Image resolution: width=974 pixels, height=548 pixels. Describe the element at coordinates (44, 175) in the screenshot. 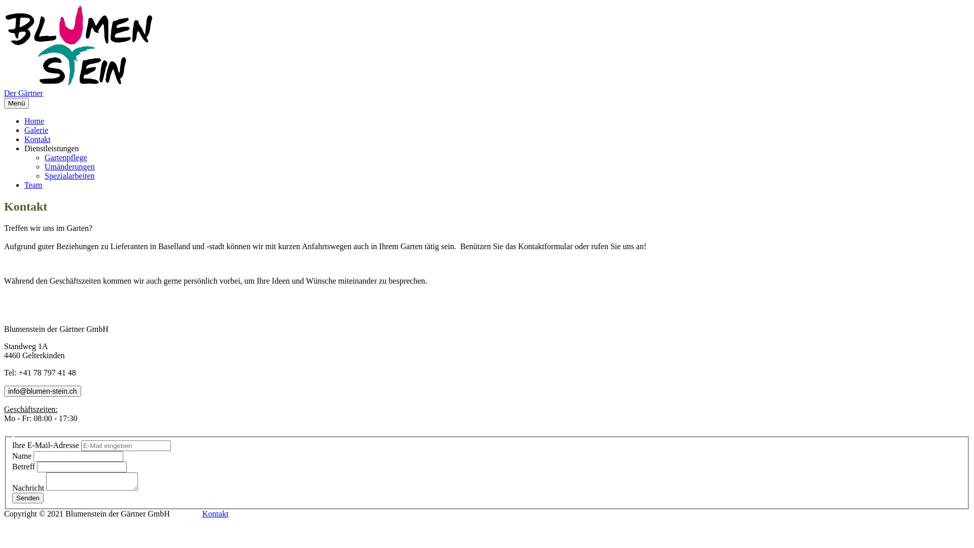

I see `'Spezialarbeiten'` at that location.